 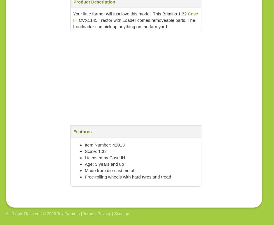 I want to click on 'Case IH', so click(x=135, y=17).